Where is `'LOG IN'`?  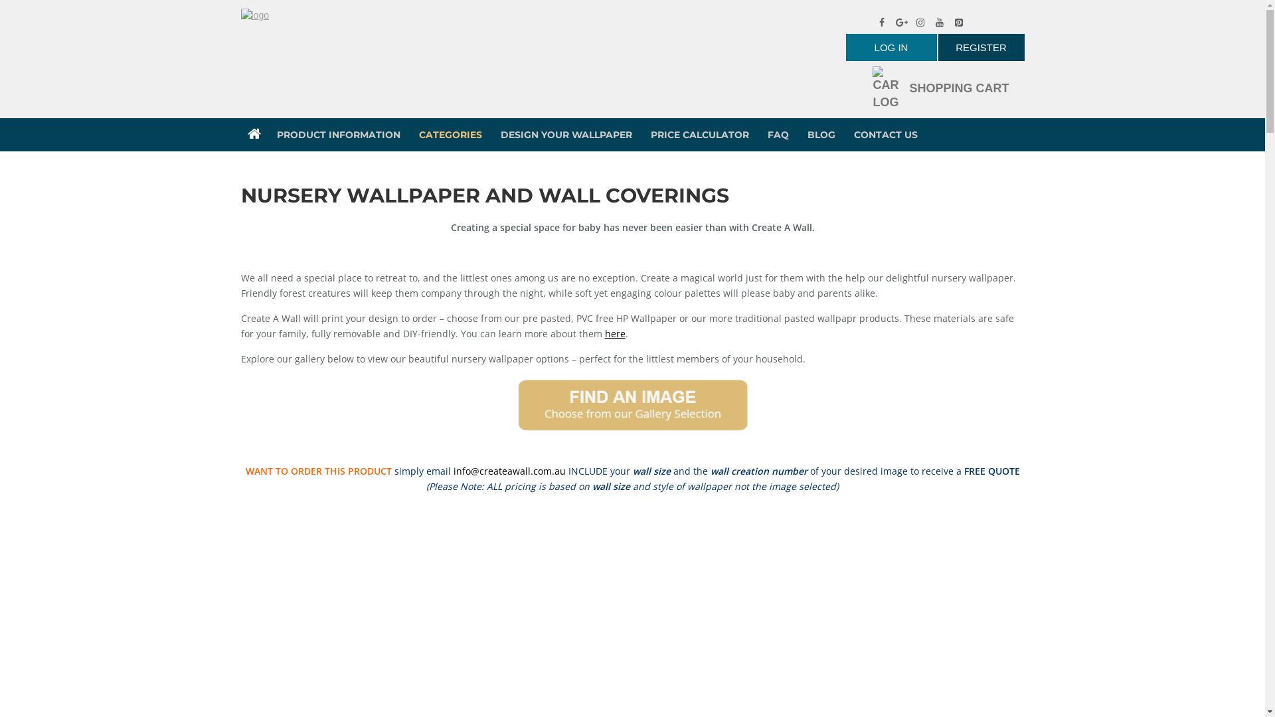 'LOG IN' is located at coordinates (891, 46).